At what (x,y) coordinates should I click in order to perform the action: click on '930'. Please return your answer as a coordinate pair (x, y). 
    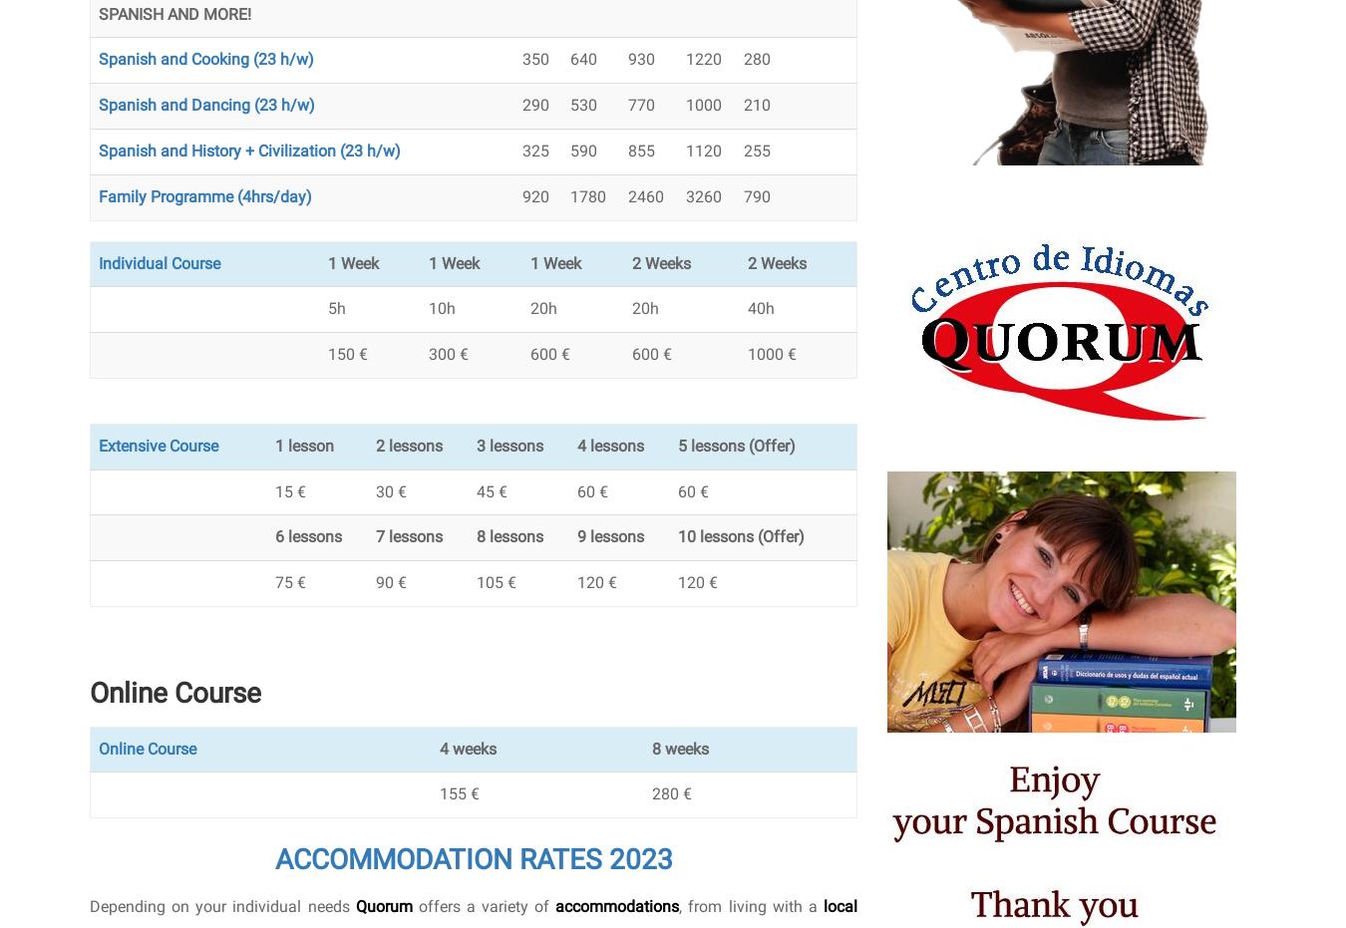
    Looking at the image, I should click on (640, 58).